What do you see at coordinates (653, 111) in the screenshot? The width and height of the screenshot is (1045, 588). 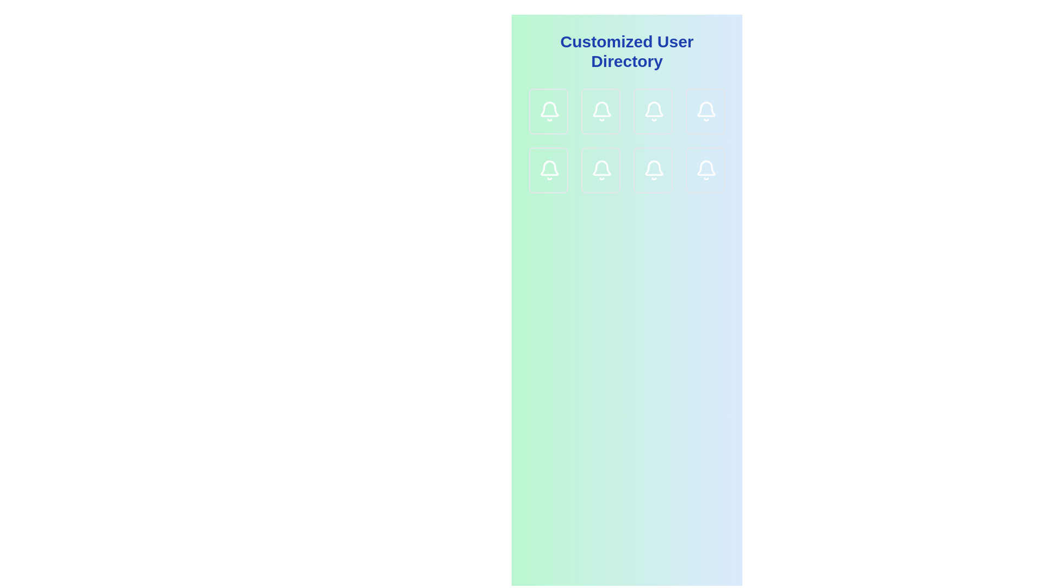 I see `the second bell icon in the top row of a 3x3 grid` at bounding box center [653, 111].